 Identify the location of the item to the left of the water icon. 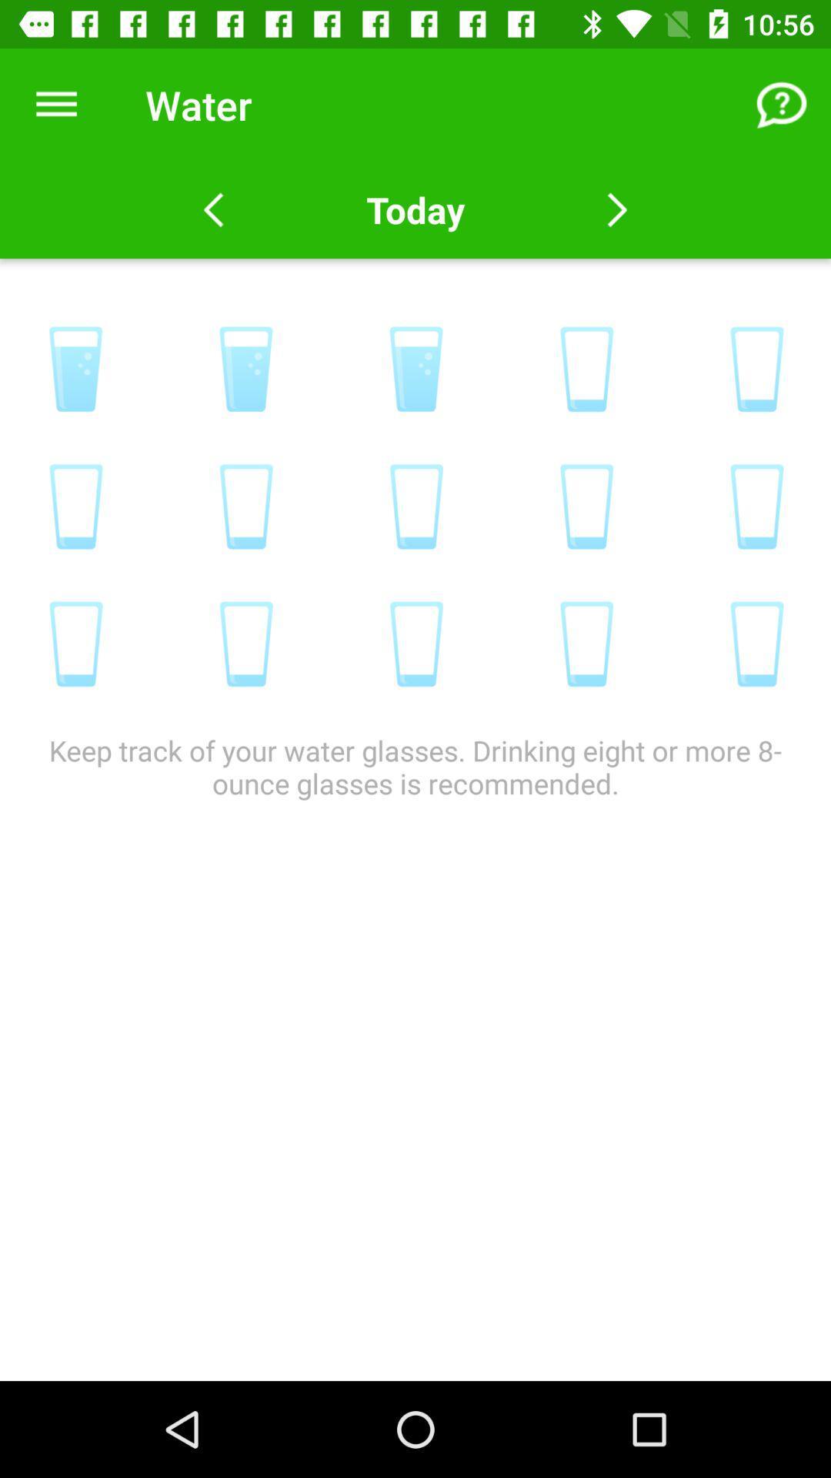
(55, 104).